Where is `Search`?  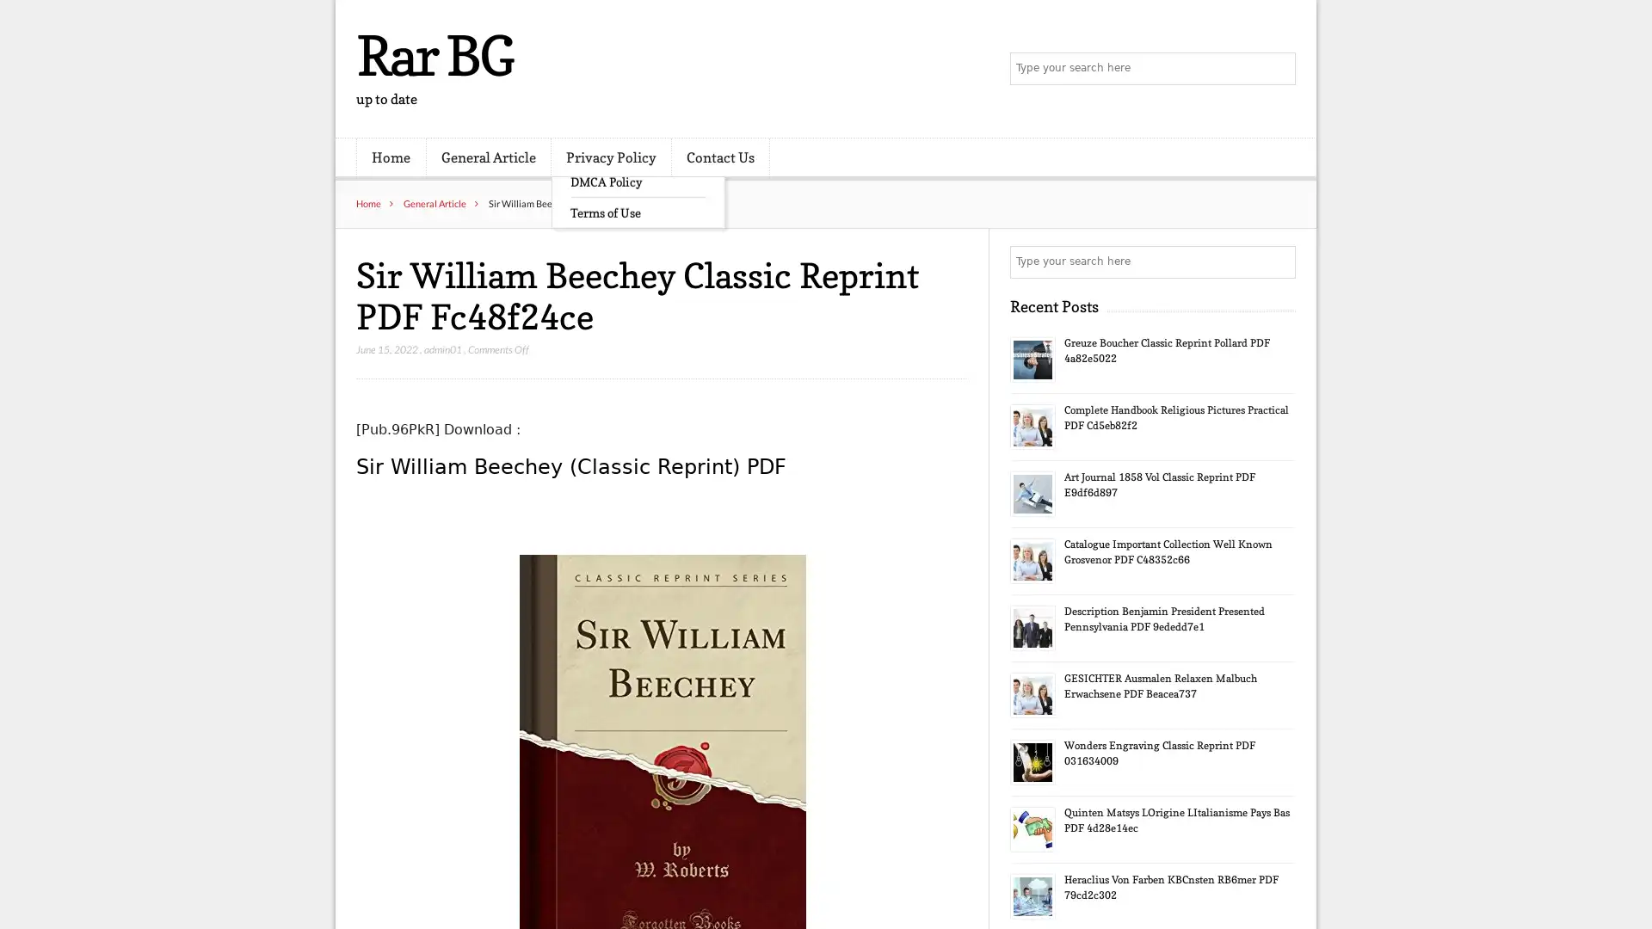 Search is located at coordinates (1278, 261).